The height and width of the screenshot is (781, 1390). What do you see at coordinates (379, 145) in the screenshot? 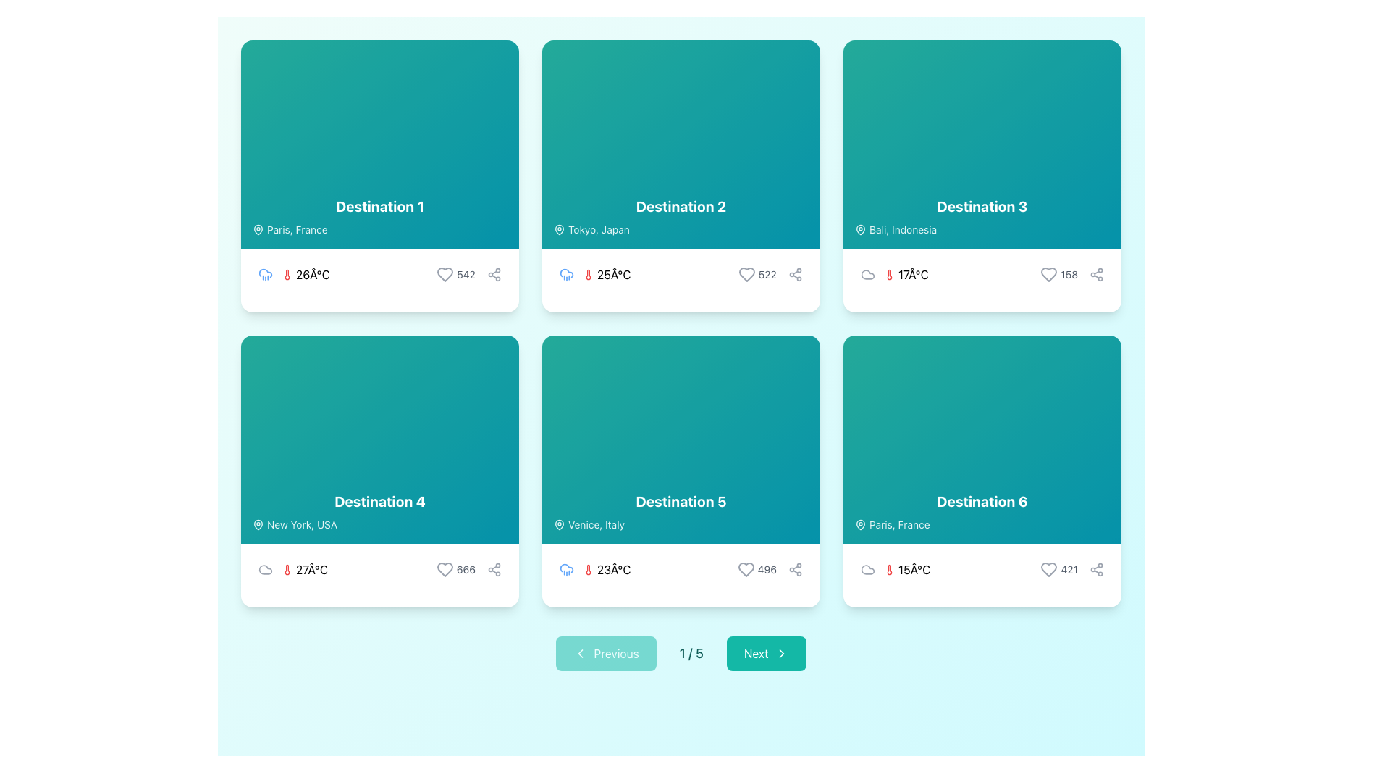
I see `the travel destination card in the top-left position of the grid layout` at bounding box center [379, 145].